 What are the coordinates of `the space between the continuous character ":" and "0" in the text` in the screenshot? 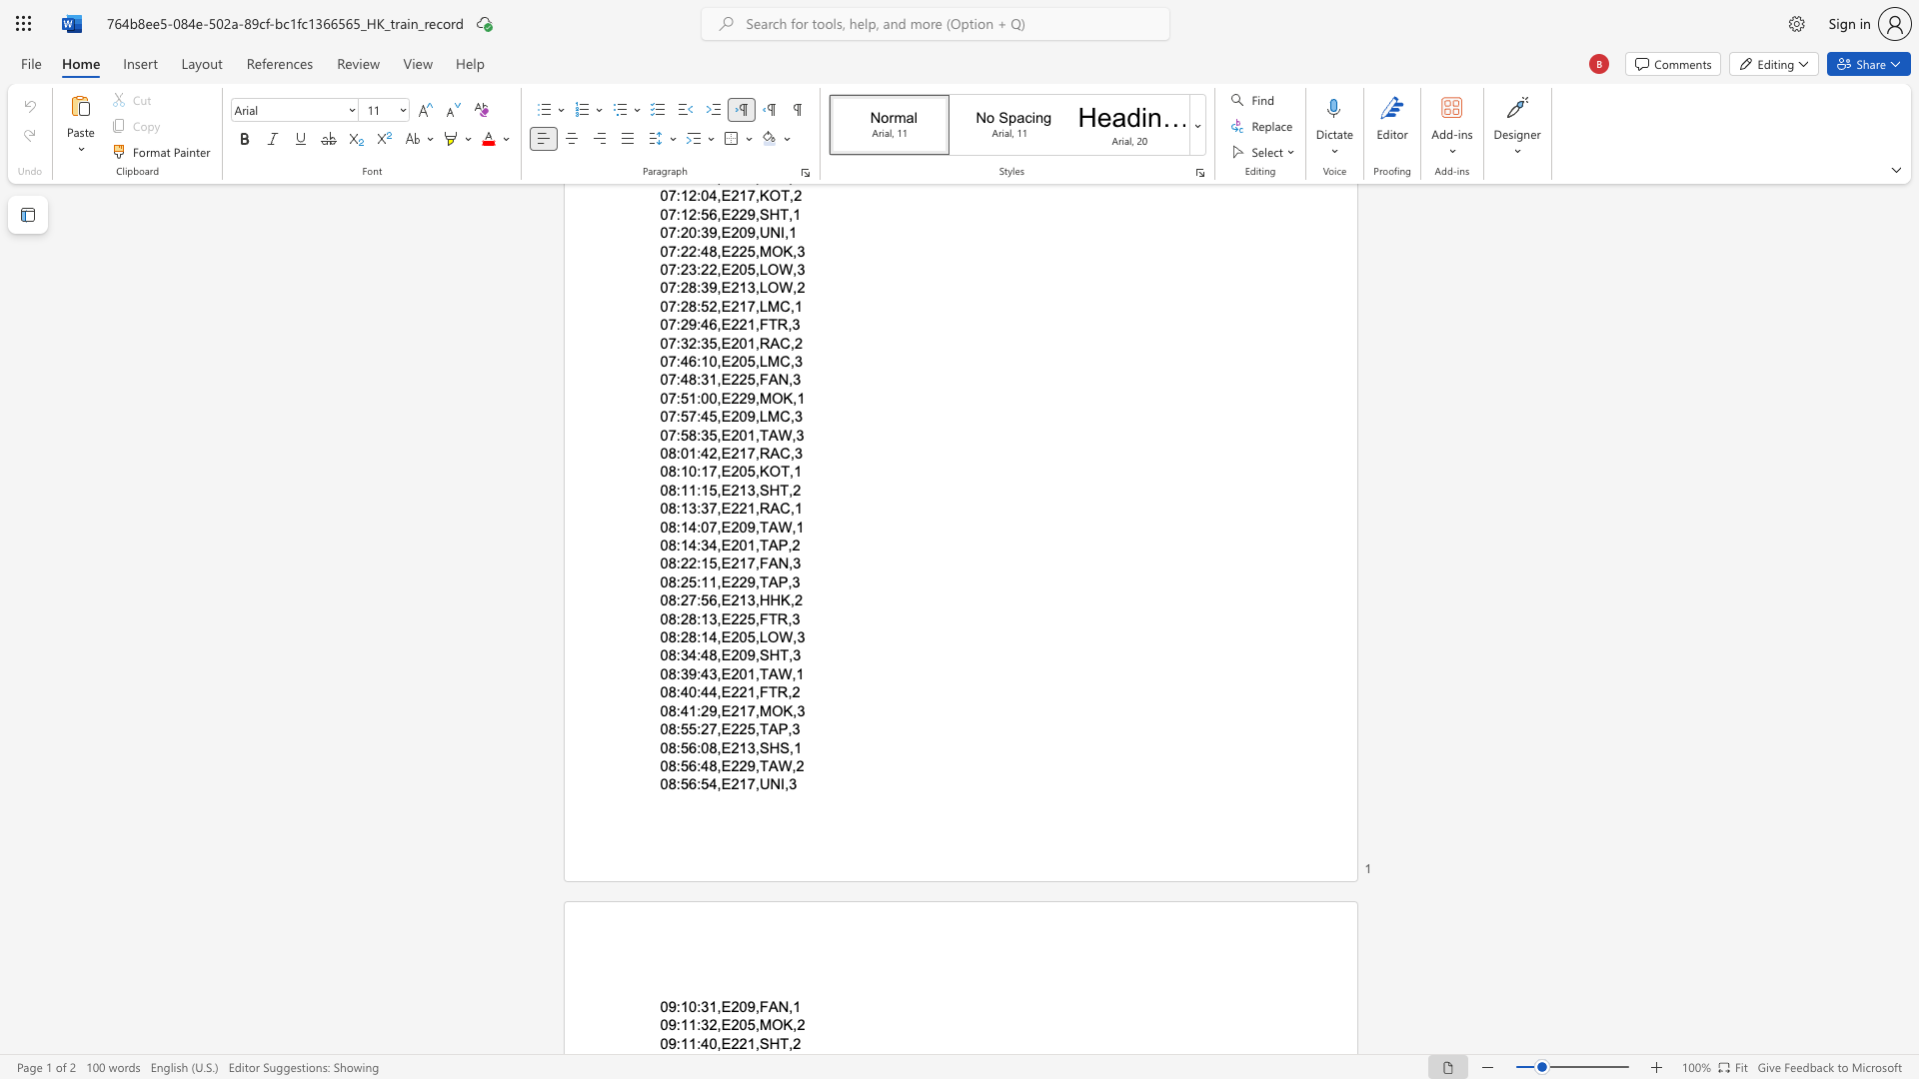 It's located at (702, 747).